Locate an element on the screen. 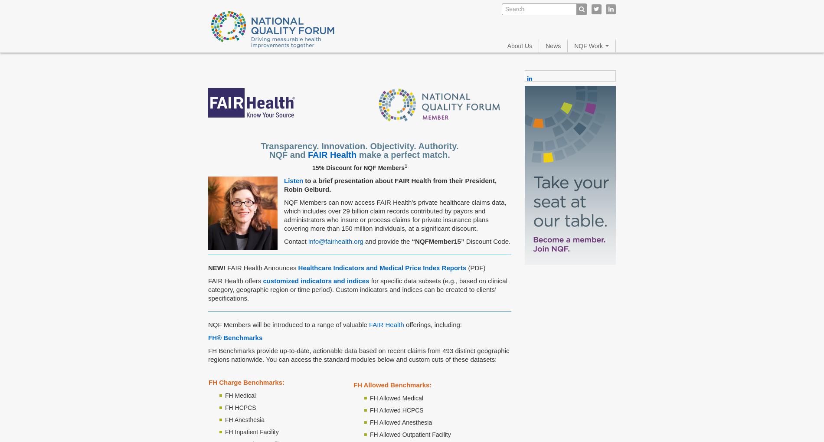 The image size is (824, 442). 'FH® Benchmarks' is located at coordinates (235, 337).